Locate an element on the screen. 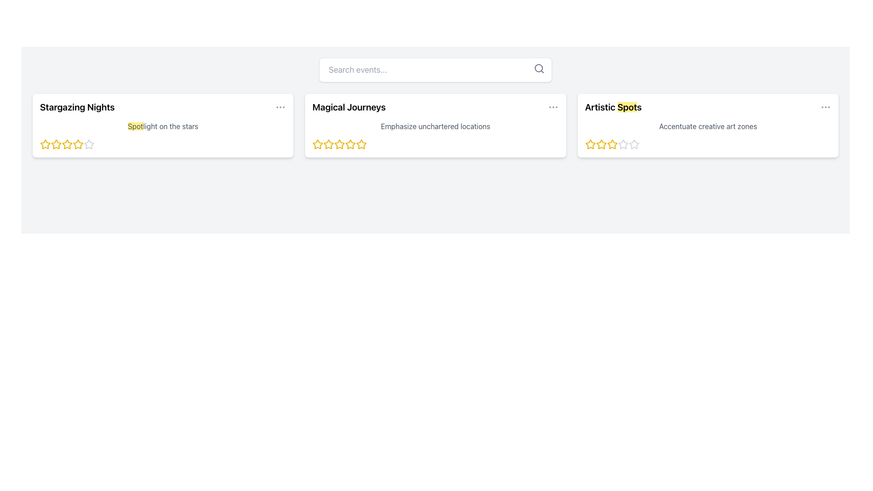 This screenshot has width=873, height=491. the third star icon in the rating component under the 'Magical Journeys' section is located at coordinates (350, 144).